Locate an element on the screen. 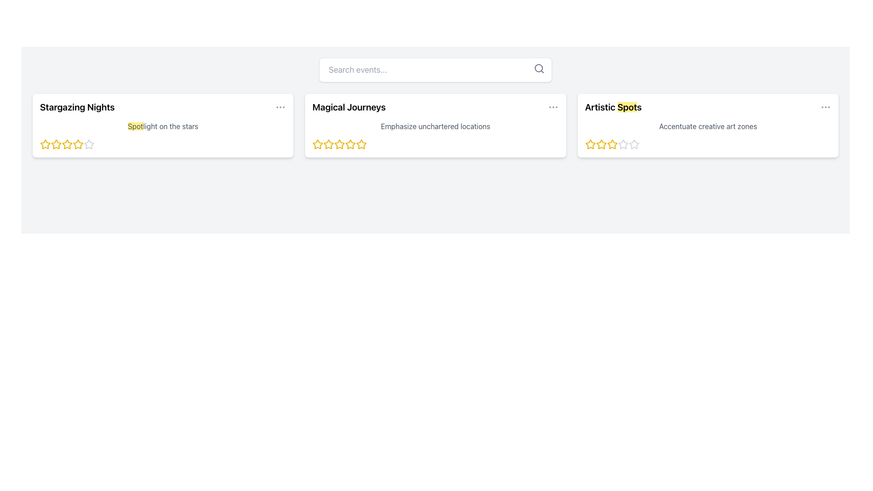 This screenshot has width=873, height=491. the third star icon in the rating component under the 'Magical Journeys' section is located at coordinates (350, 144).